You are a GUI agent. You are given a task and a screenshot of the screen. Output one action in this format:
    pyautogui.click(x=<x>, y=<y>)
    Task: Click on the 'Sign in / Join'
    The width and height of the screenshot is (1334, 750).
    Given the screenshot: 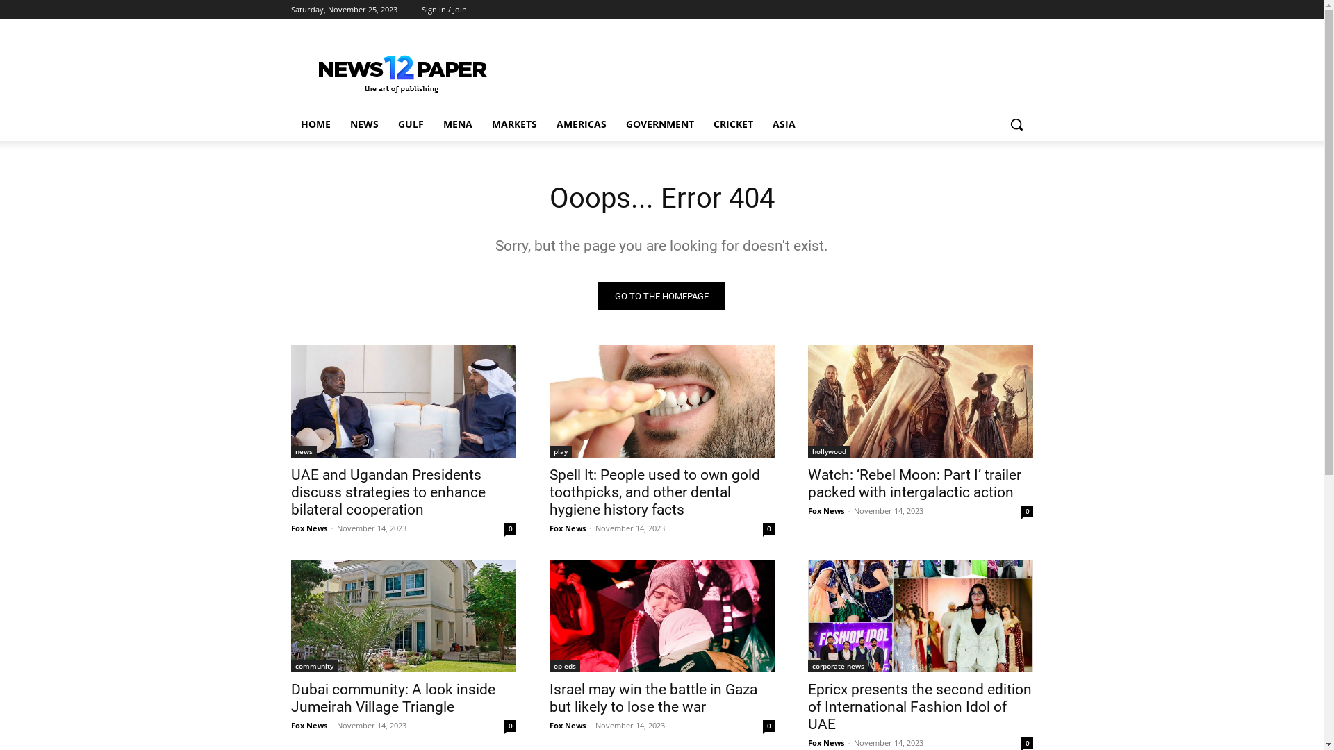 What is the action you would take?
    pyautogui.click(x=443, y=10)
    